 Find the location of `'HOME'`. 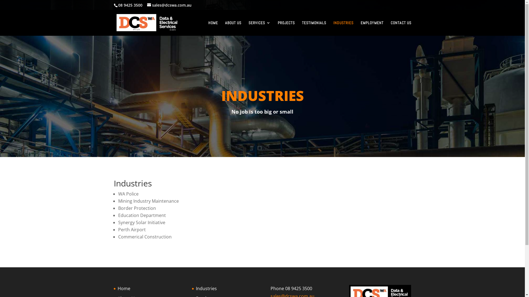

'HOME' is located at coordinates (213, 28).